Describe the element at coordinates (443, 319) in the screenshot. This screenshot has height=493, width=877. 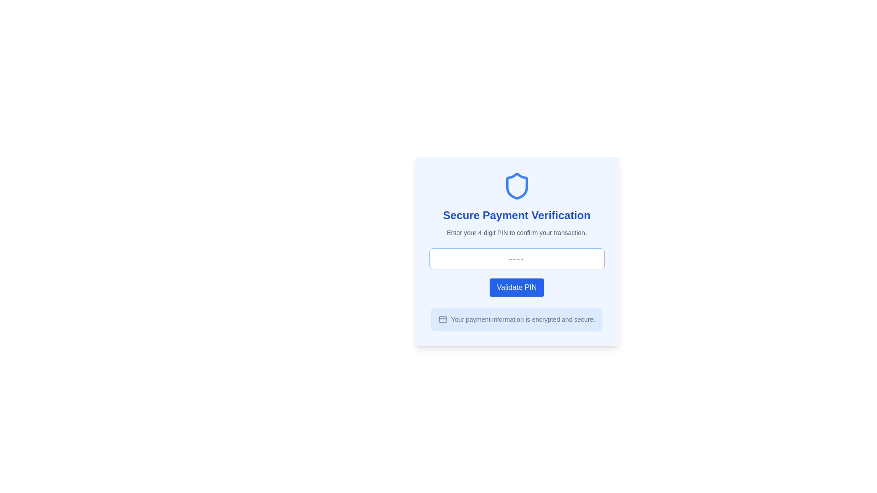
I see `the light gray or white filled rounded rectangle within the credit card icon located near the center of the icon` at that location.